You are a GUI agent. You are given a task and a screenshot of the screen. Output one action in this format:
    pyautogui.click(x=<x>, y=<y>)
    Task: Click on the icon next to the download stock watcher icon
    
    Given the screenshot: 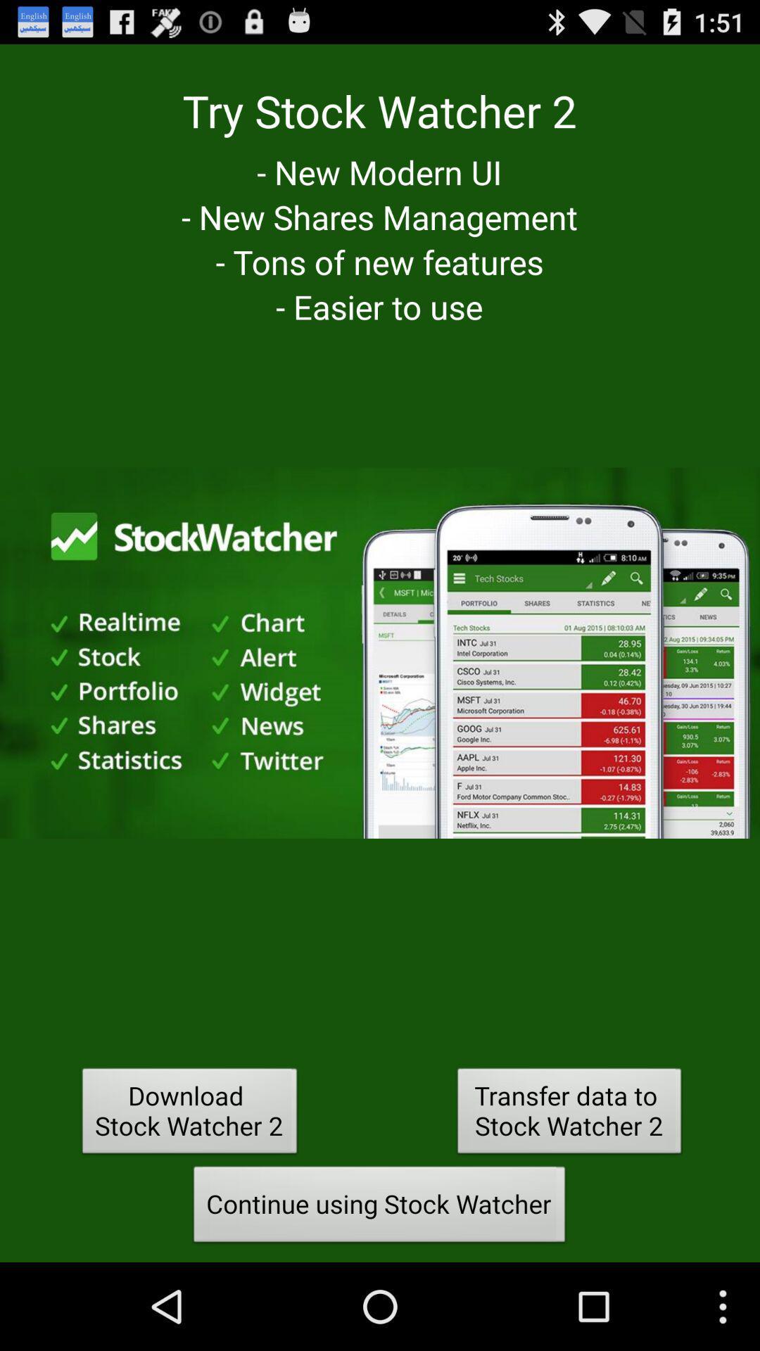 What is the action you would take?
    pyautogui.click(x=569, y=1114)
    